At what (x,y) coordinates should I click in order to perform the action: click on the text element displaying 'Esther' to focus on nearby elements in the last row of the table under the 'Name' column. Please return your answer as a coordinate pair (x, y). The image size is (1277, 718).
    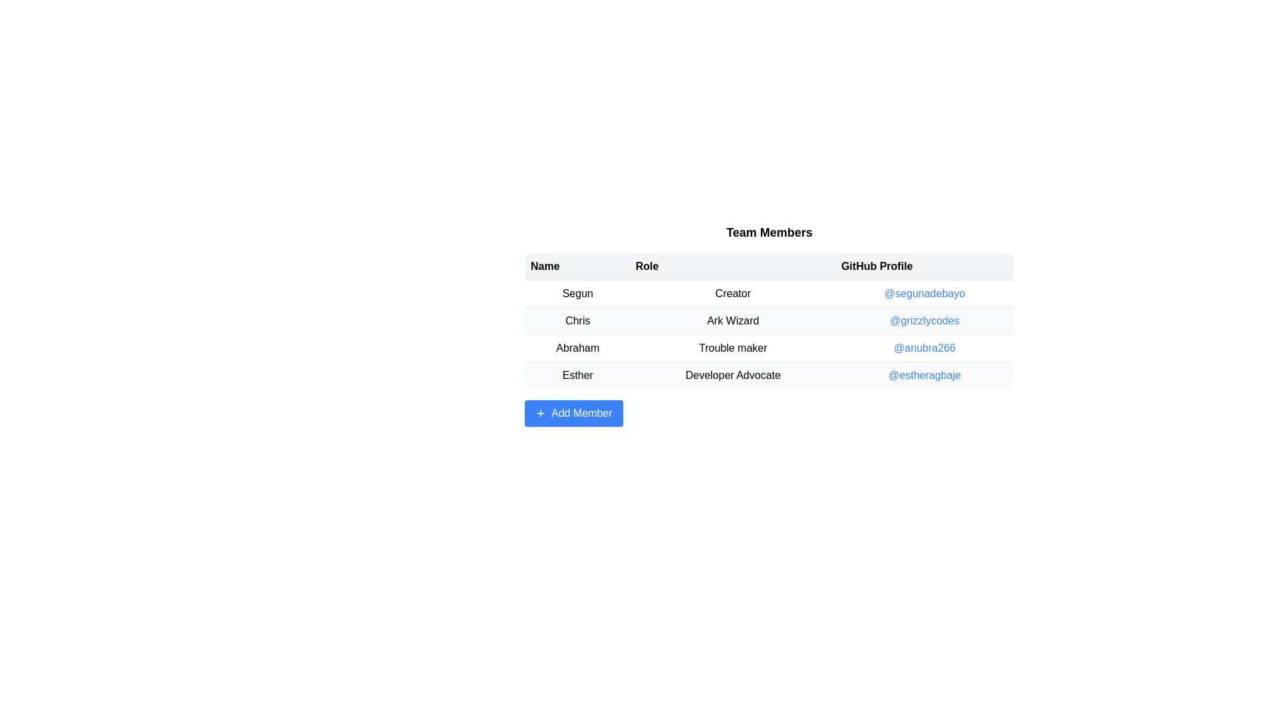
    Looking at the image, I should click on (577, 375).